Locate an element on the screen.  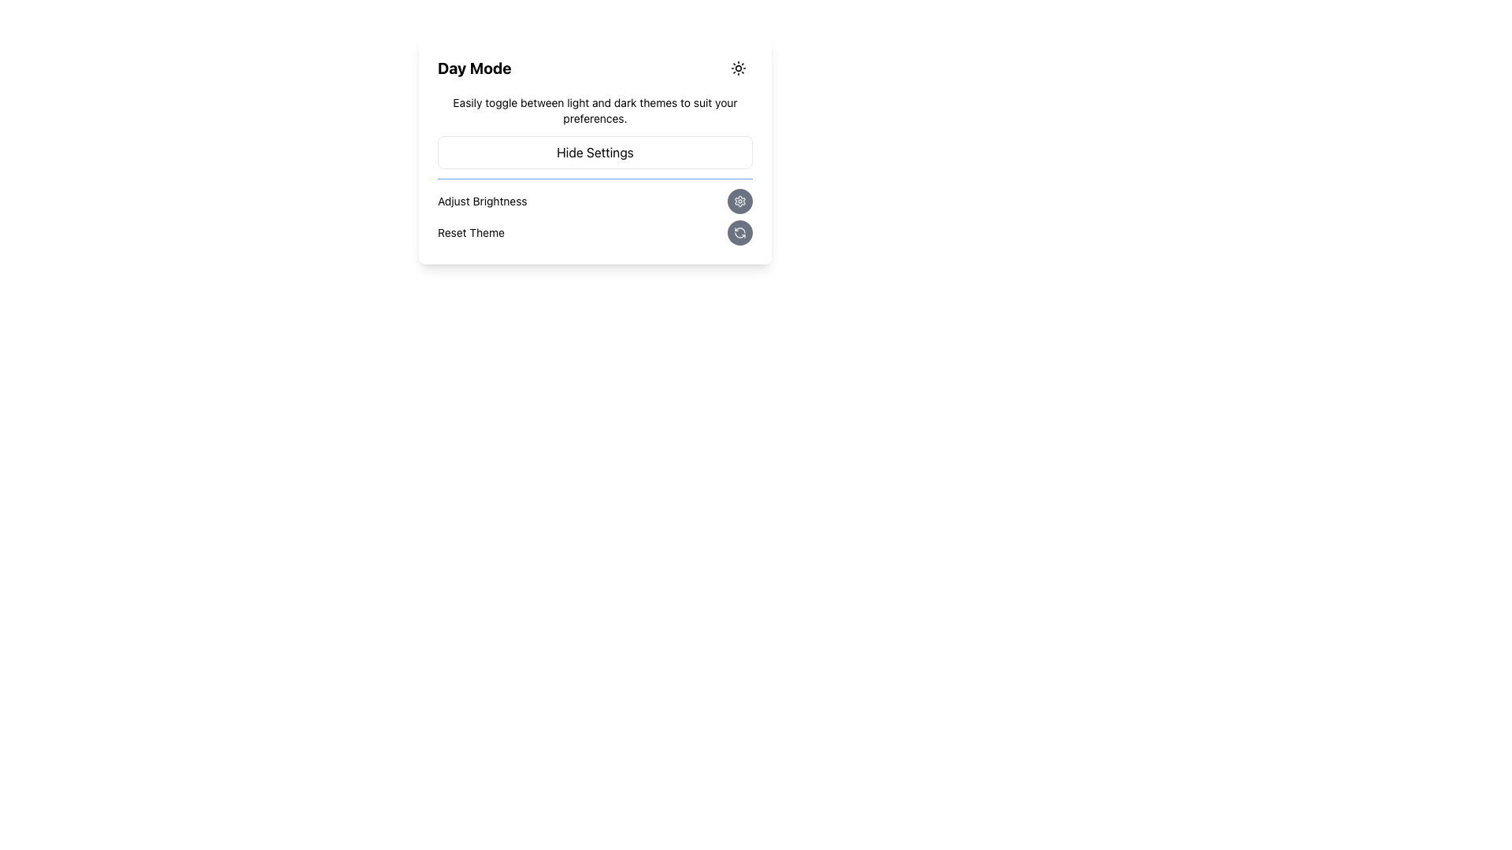
the gear icon located within the rounded button at the bottom right corner of the settings panel is located at coordinates (739, 200).